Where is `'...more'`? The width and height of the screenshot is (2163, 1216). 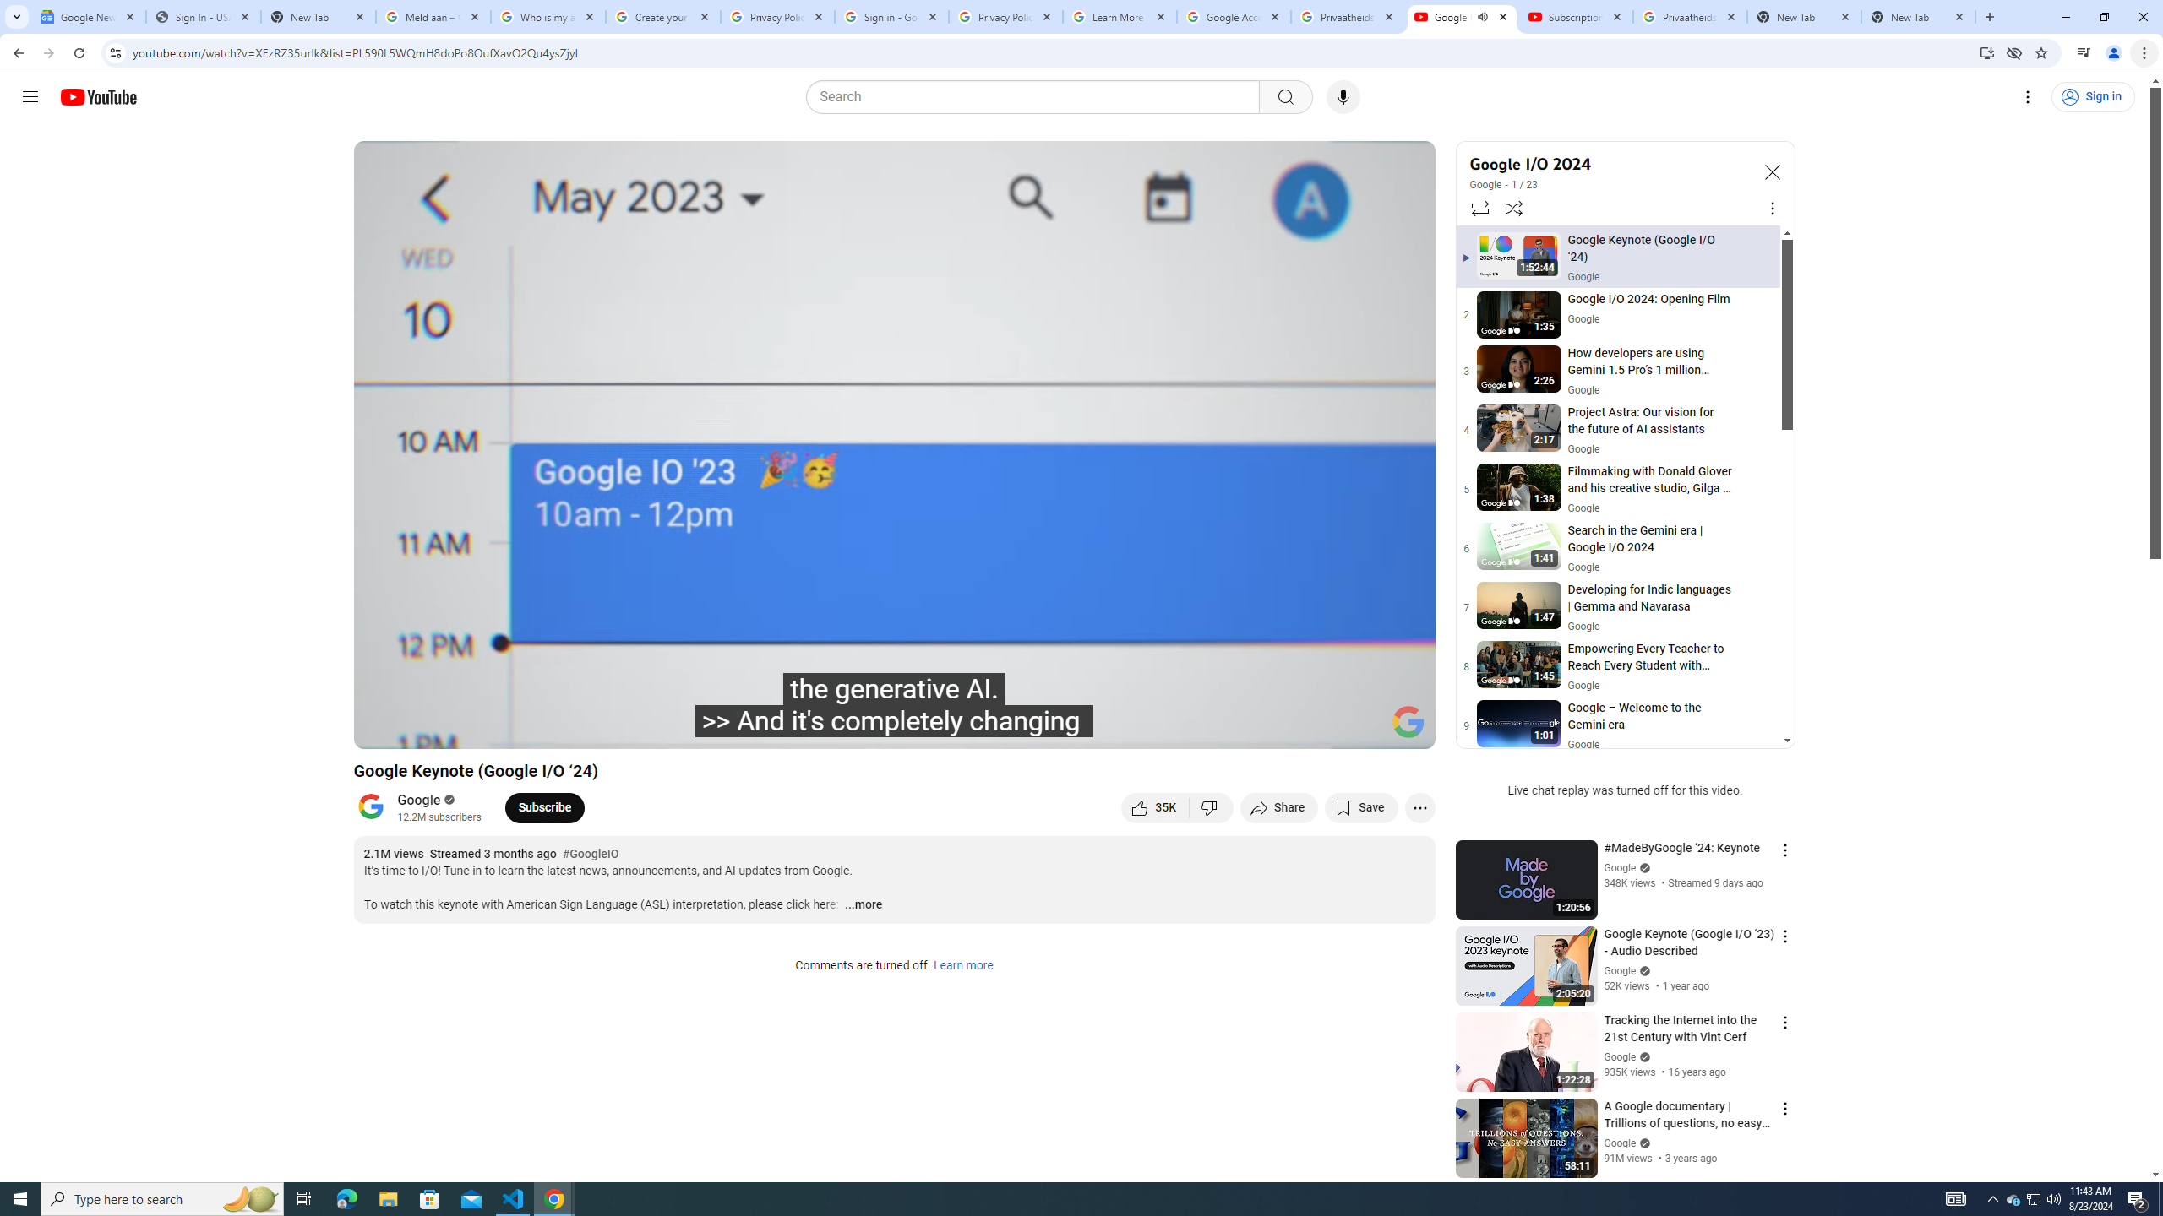
'...more' is located at coordinates (862, 905).